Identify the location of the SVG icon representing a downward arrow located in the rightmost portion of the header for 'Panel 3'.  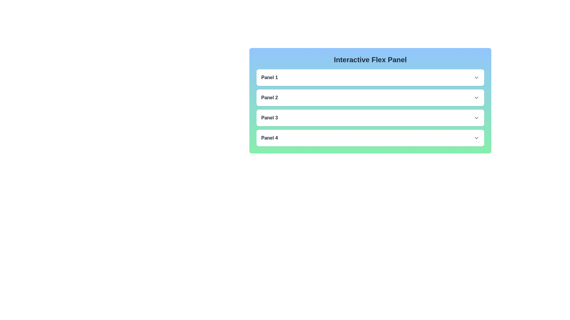
(476, 118).